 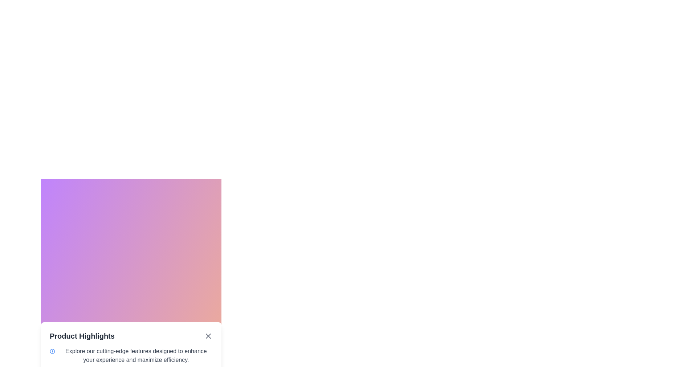 What do you see at coordinates (131, 355) in the screenshot?
I see `information provided in the informational text block that states 'Explore our cutting-edge features designed to enhance your experience and maximize efficiency.'` at bounding box center [131, 355].